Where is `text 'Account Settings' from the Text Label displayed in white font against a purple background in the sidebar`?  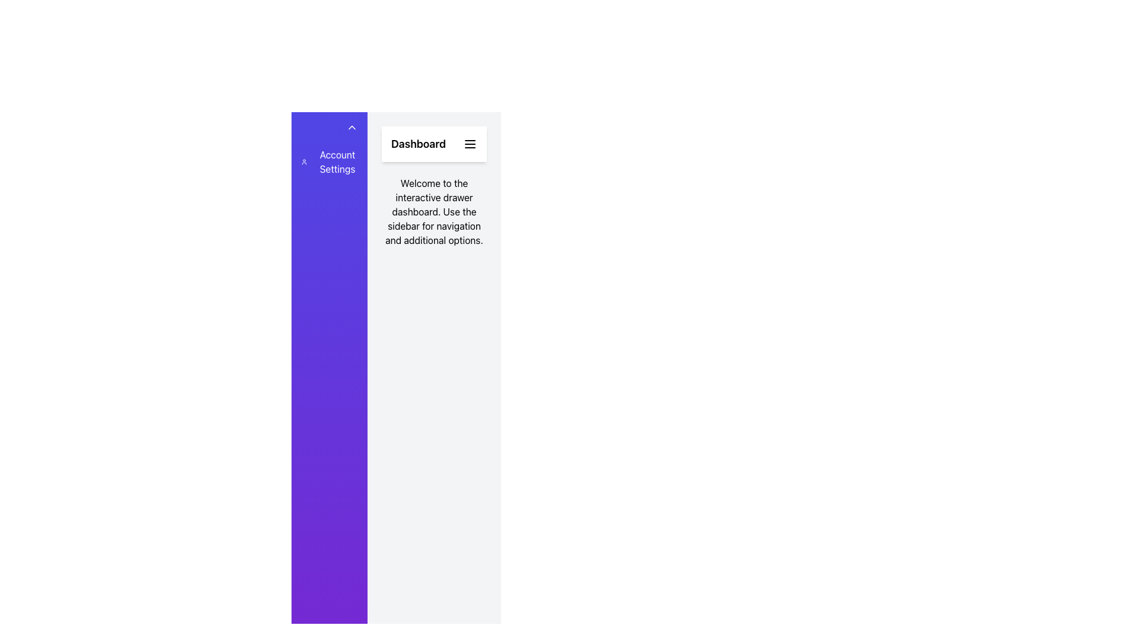 text 'Account Settings' from the Text Label displayed in white font against a purple background in the sidebar is located at coordinates (337, 162).